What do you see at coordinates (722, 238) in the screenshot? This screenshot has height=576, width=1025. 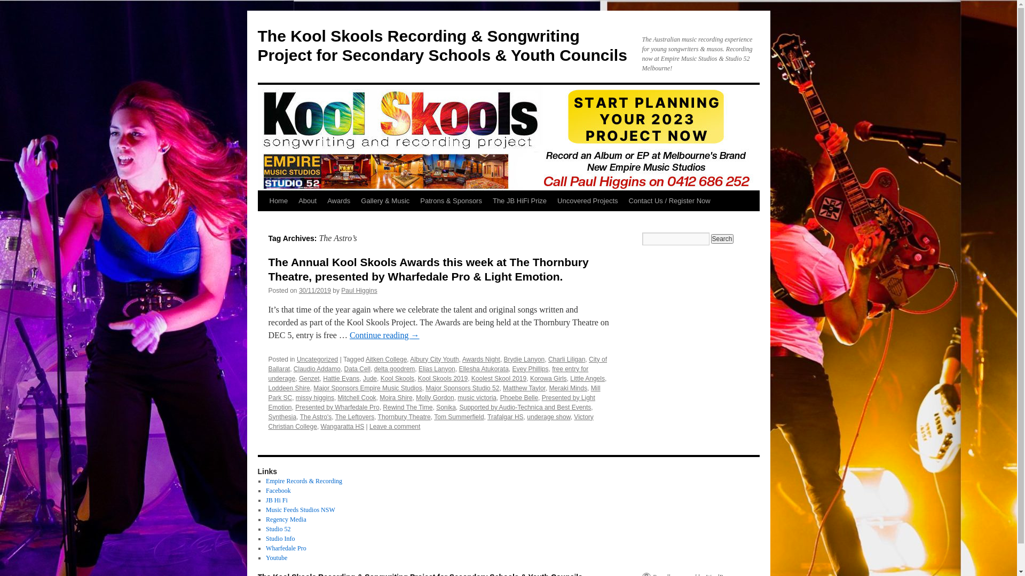 I see `'Search'` at bounding box center [722, 238].